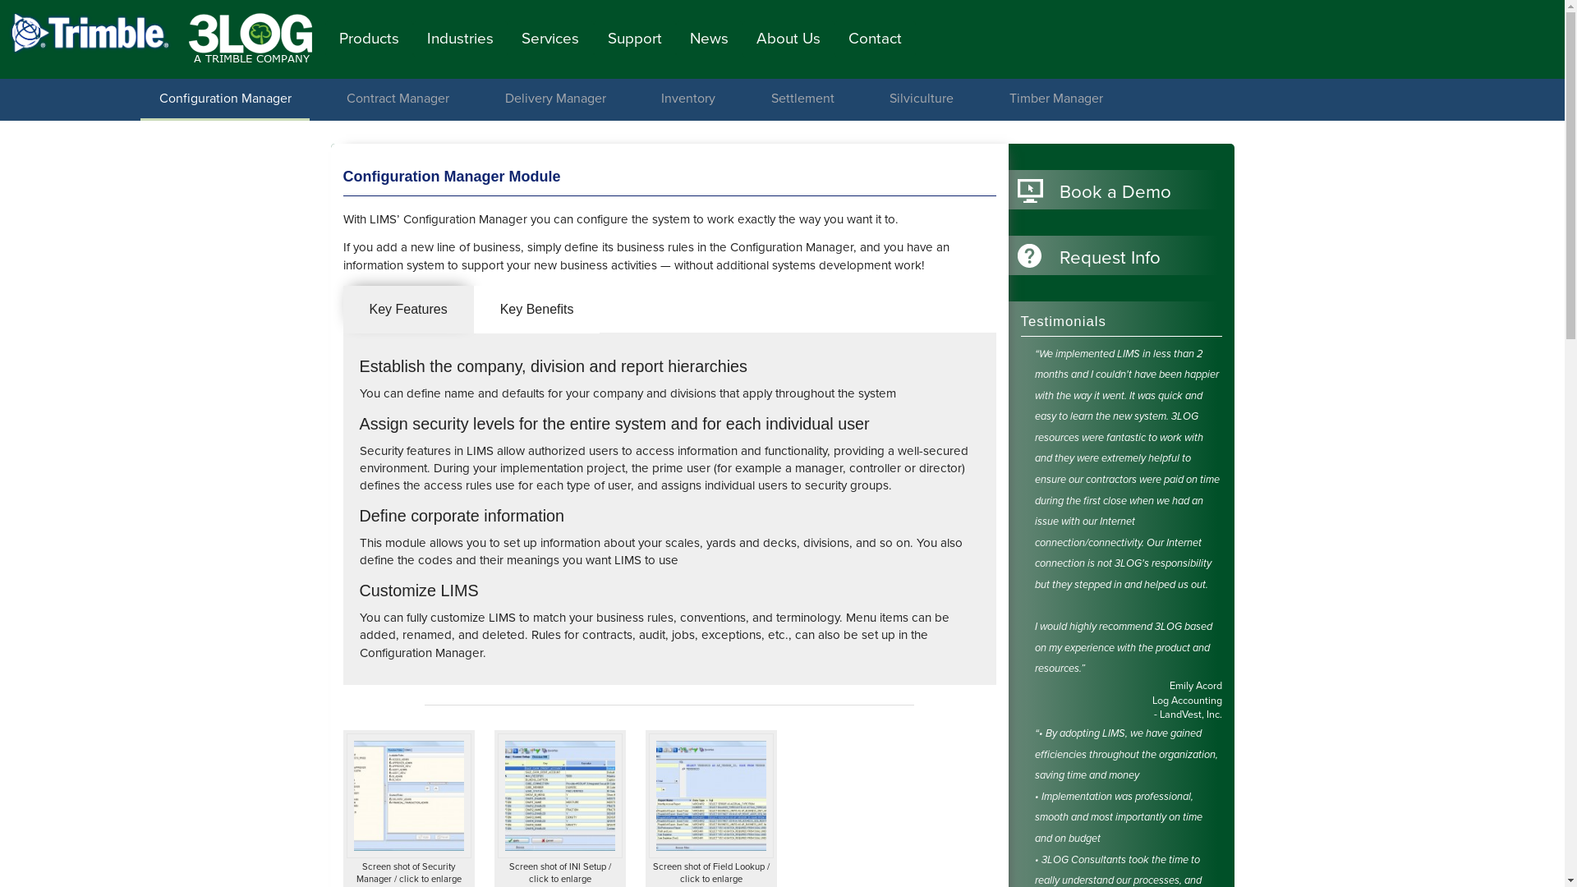  I want to click on 'Key Benefits', so click(472, 310).